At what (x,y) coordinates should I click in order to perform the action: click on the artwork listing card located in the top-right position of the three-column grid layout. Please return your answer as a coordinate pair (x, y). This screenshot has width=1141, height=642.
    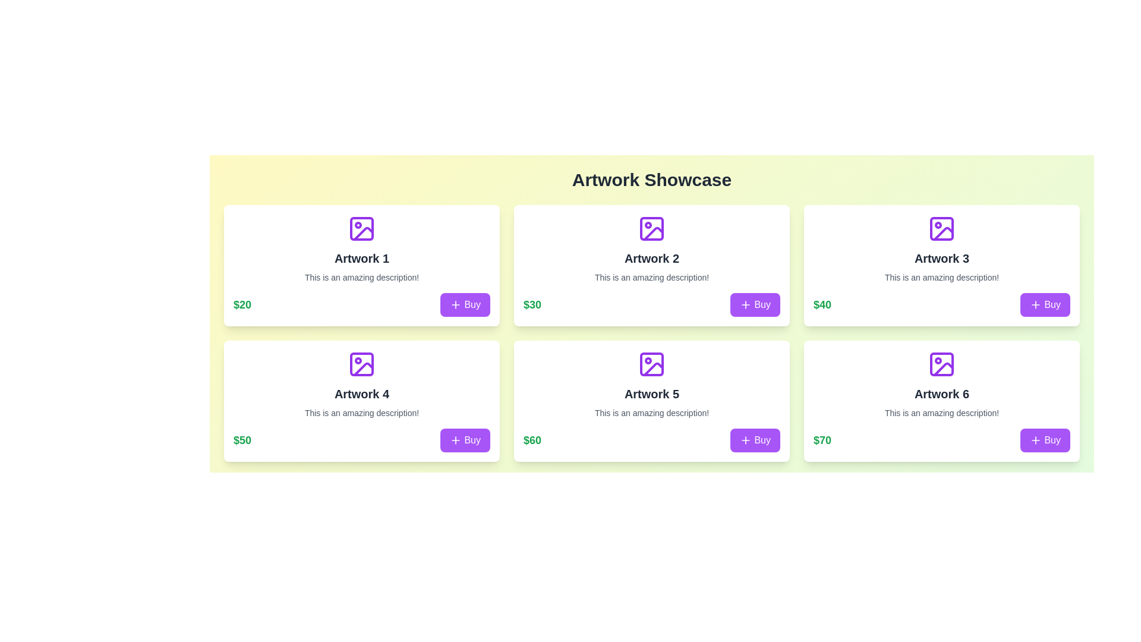
    Looking at the image, I should click on (941, 265).